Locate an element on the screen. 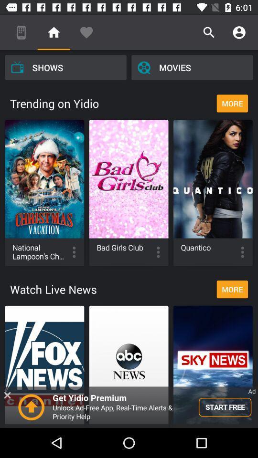 This screenshot has height=458, width=258. the icon above more is located at coordinates (192, 67).